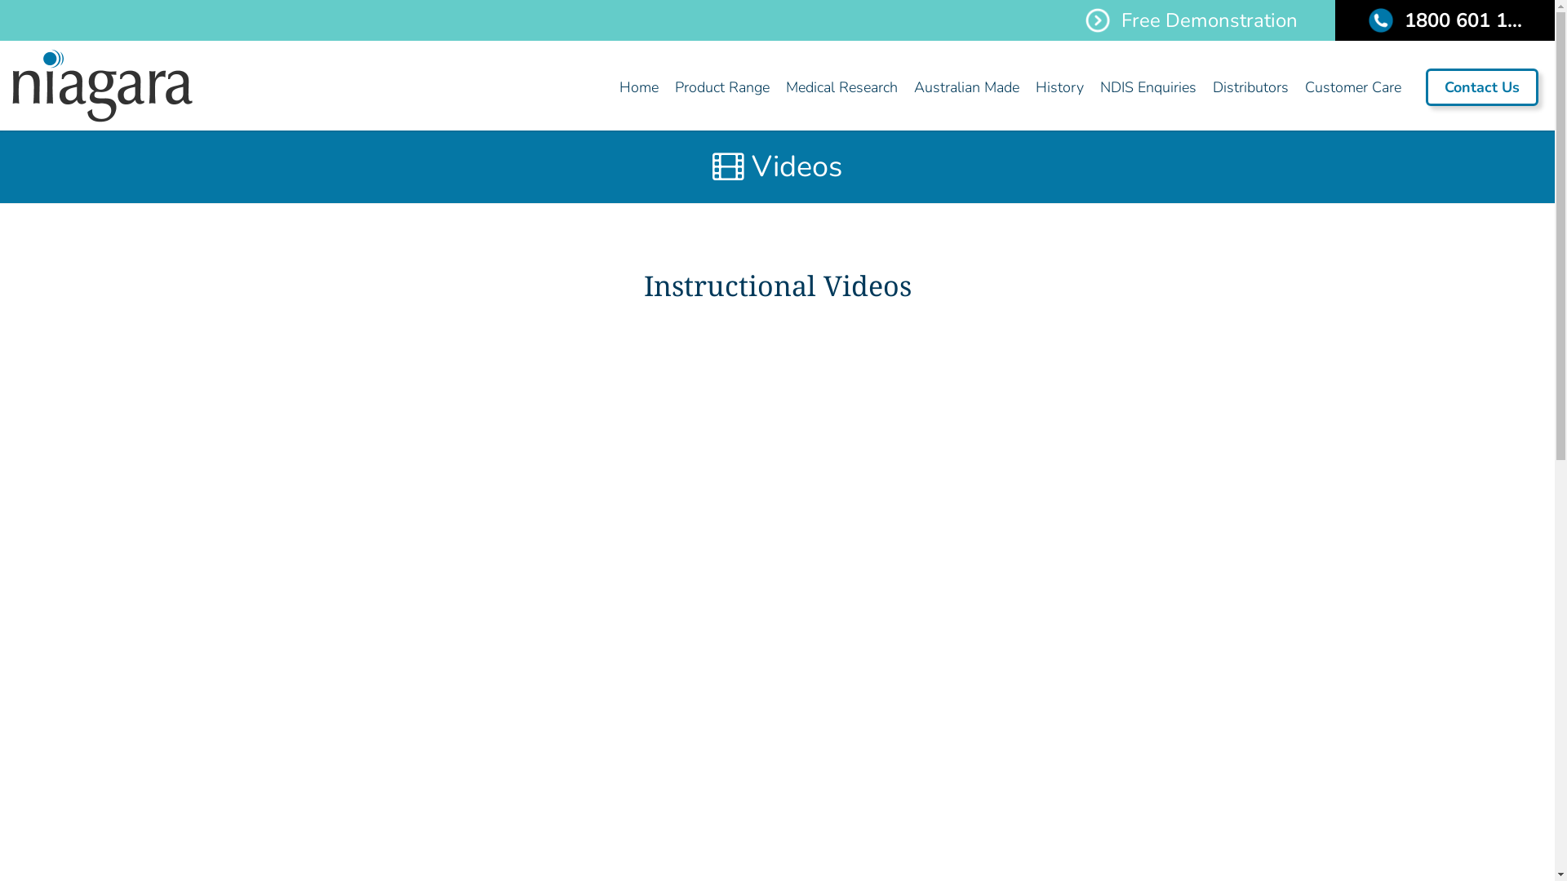 This screenshot has width=1567, height=881. What do you see at coordinates (1059, 87) in the screenshot?
I see `'History'` at bounding box center [1059, 87].